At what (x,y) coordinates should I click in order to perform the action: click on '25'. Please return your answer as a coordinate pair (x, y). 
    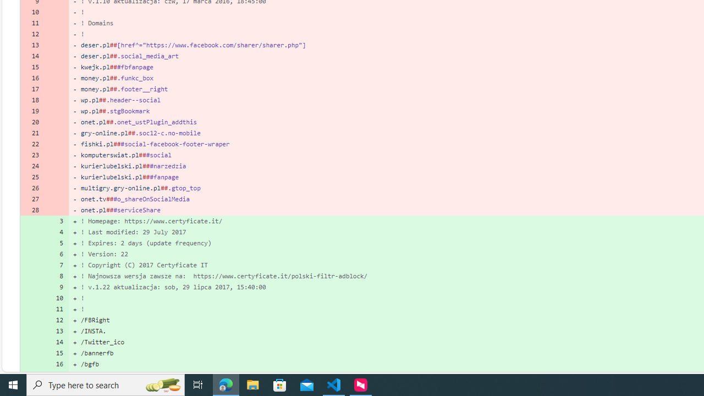
    Looking at the image, I should click on (32, 176).